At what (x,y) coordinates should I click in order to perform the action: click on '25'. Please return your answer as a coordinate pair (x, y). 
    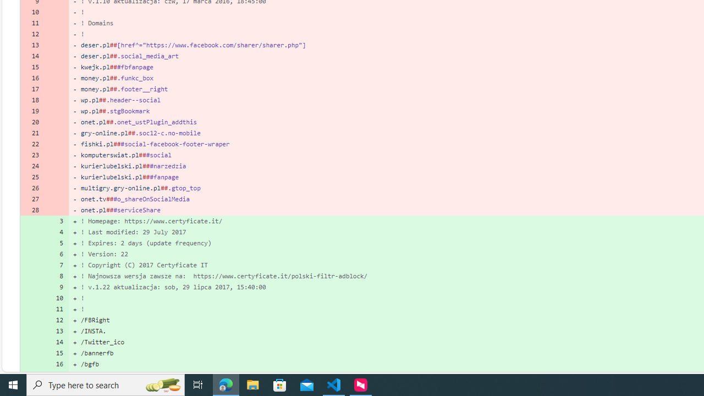
    Looking at the image, I should click on (32, 176).